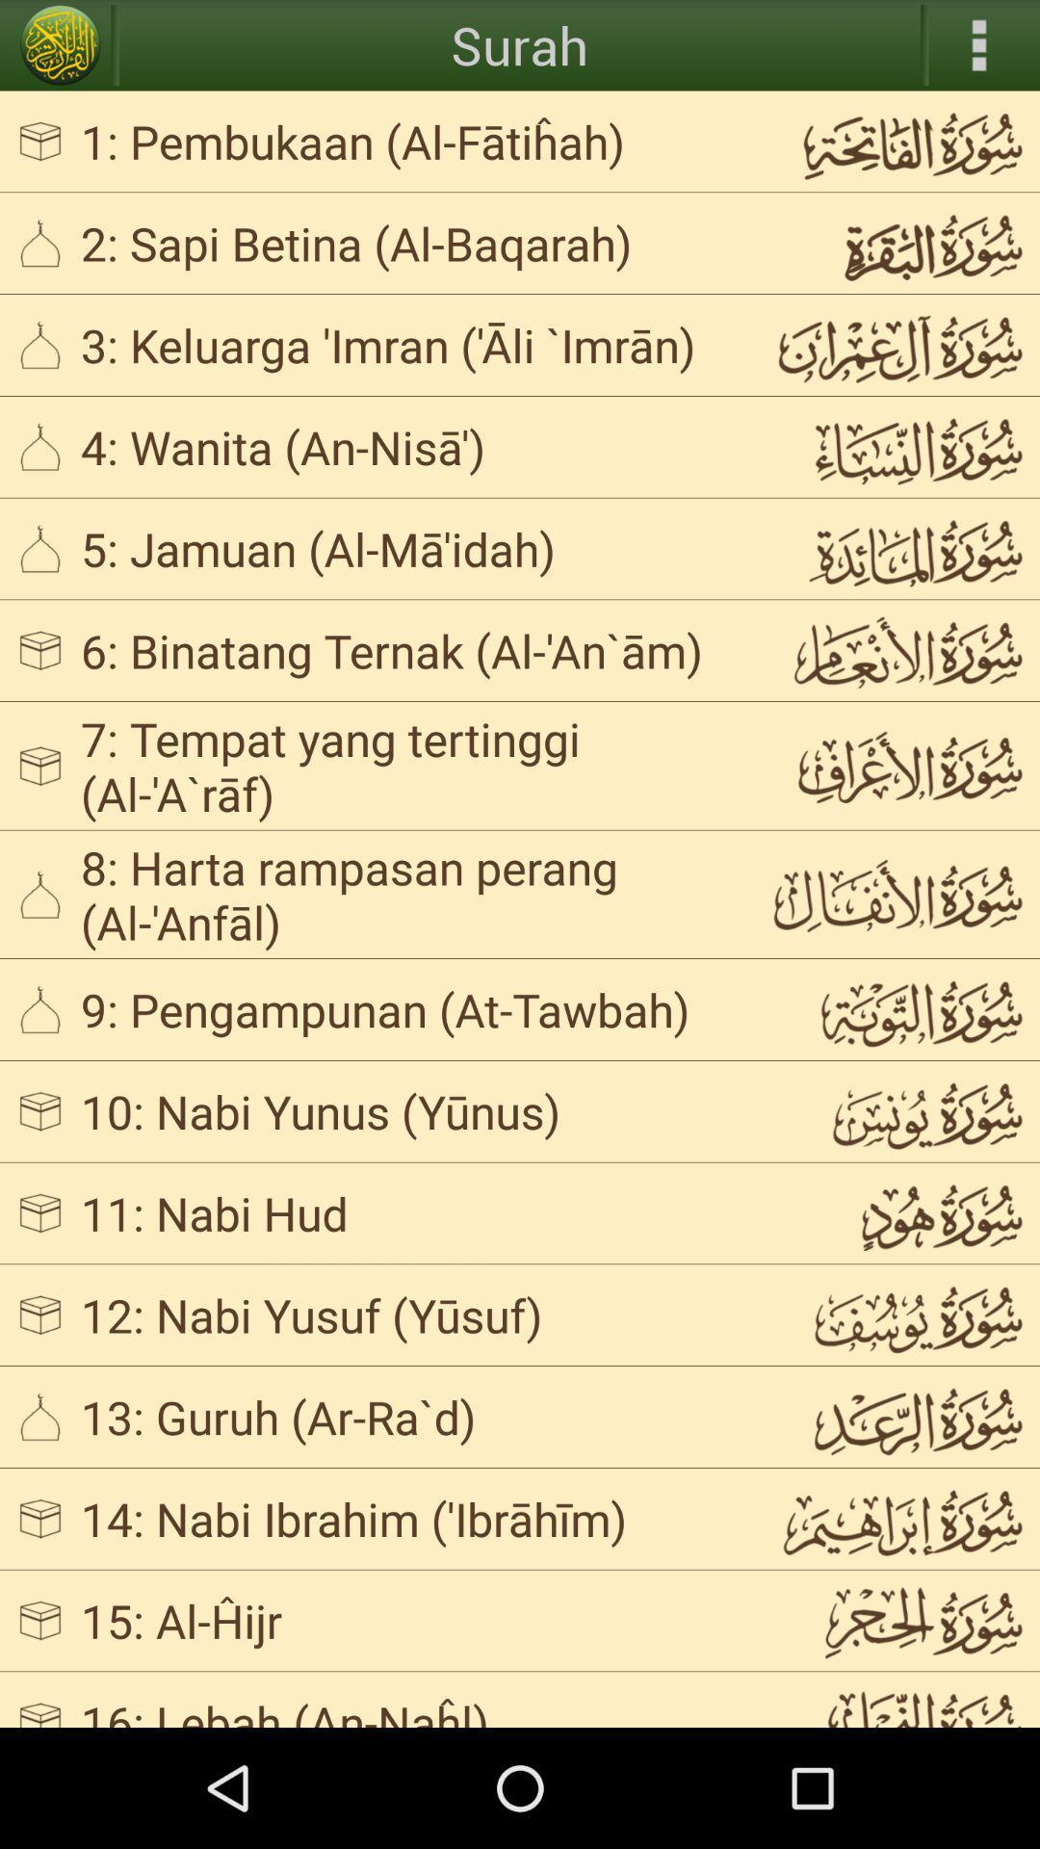  I want to click on the more icon, so click(979, 48).